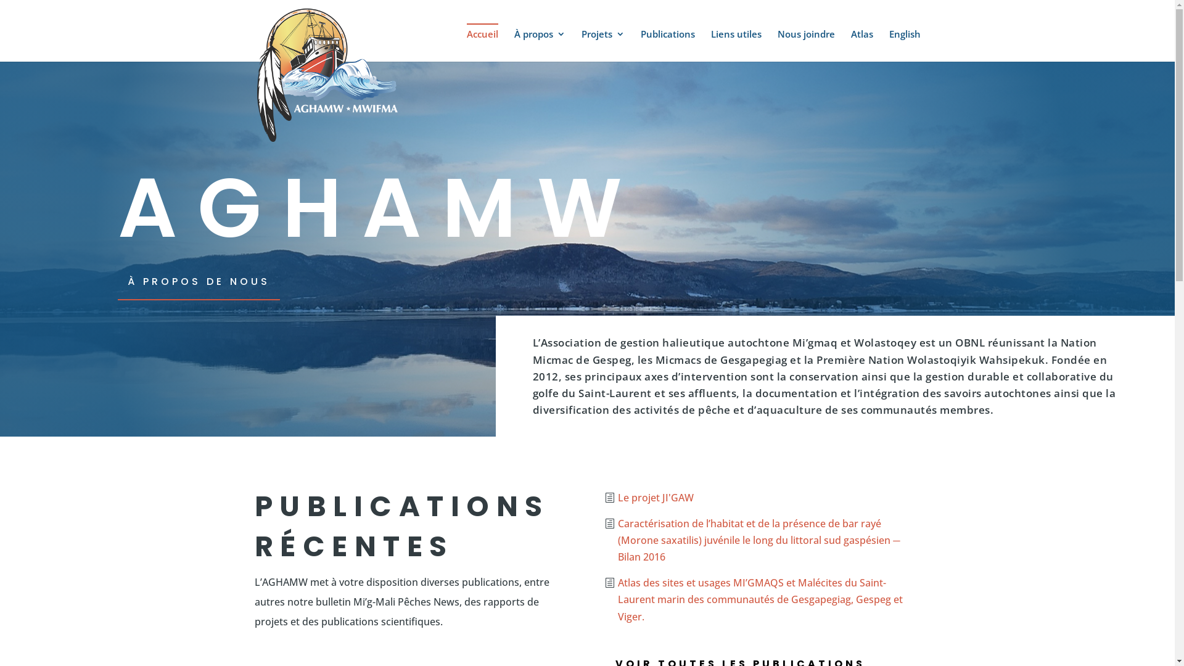 This screenshot has height=666, width=1184. What do you see at coordinates (736, 44) in the screenshot?
I see `'Liens utiles'` at bounding box center [736, 44].